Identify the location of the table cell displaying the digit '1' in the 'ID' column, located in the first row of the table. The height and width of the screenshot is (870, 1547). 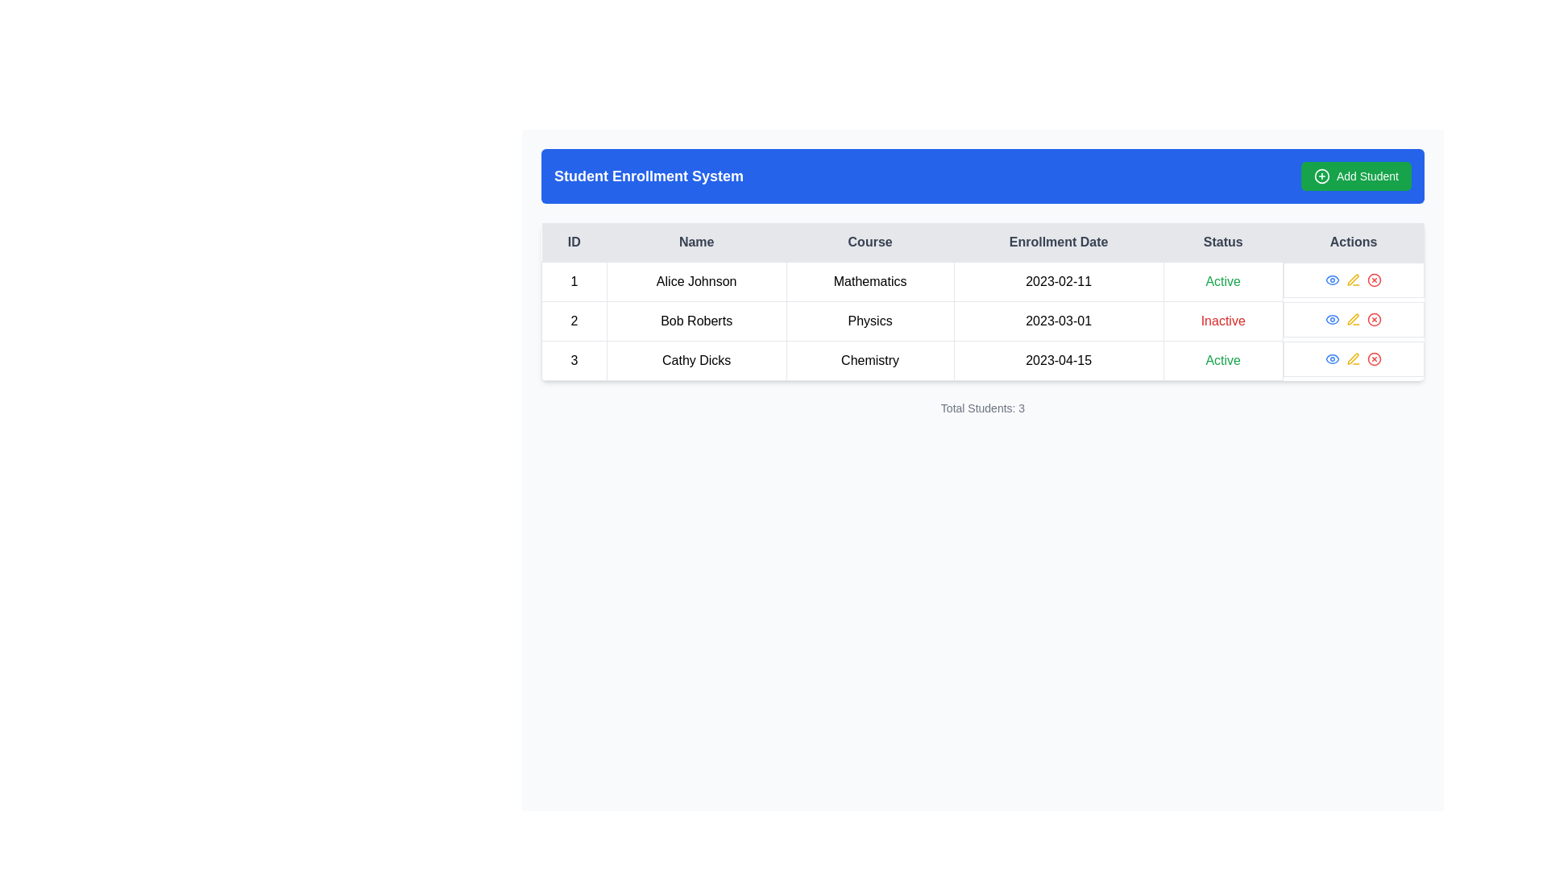
(574, 281).